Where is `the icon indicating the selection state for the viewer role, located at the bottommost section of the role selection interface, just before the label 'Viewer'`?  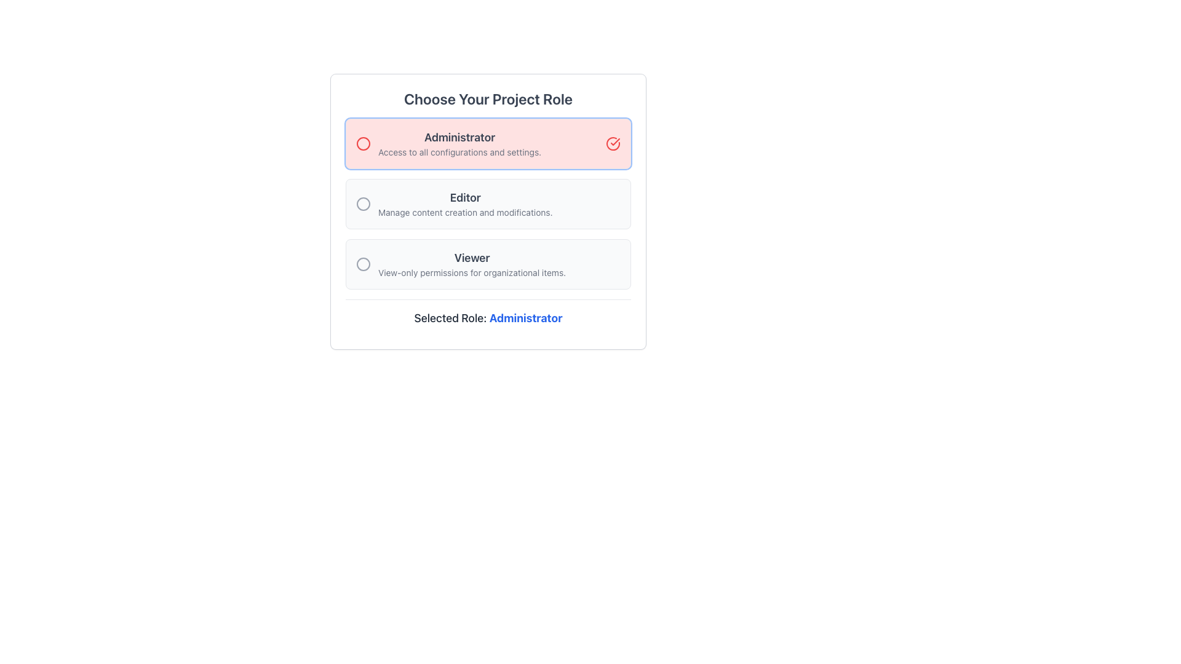 the icon indicating the selection state for the viewer role, located at the bottommost section of the role selection interface, just before the label 'Viewer' is located at coordinates (362, 263).